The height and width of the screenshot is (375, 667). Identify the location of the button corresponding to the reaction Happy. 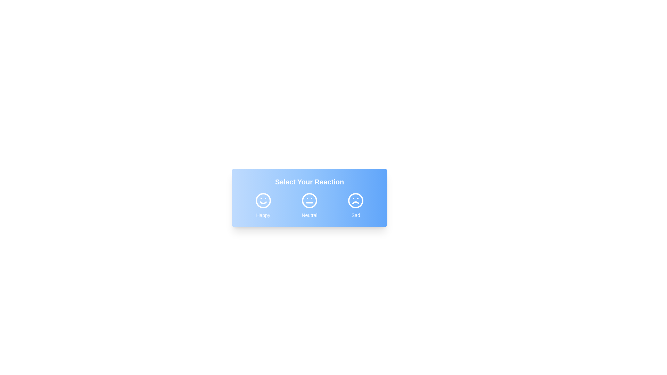
(263, 205).